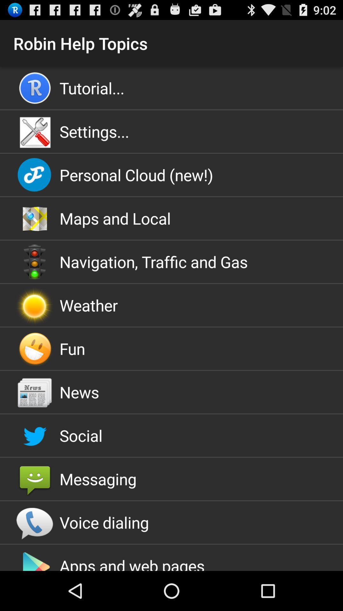  What do you see at coordinates (171, 262) in the screenshot?
I see `app above  weather` at bounding box center [171, 262].